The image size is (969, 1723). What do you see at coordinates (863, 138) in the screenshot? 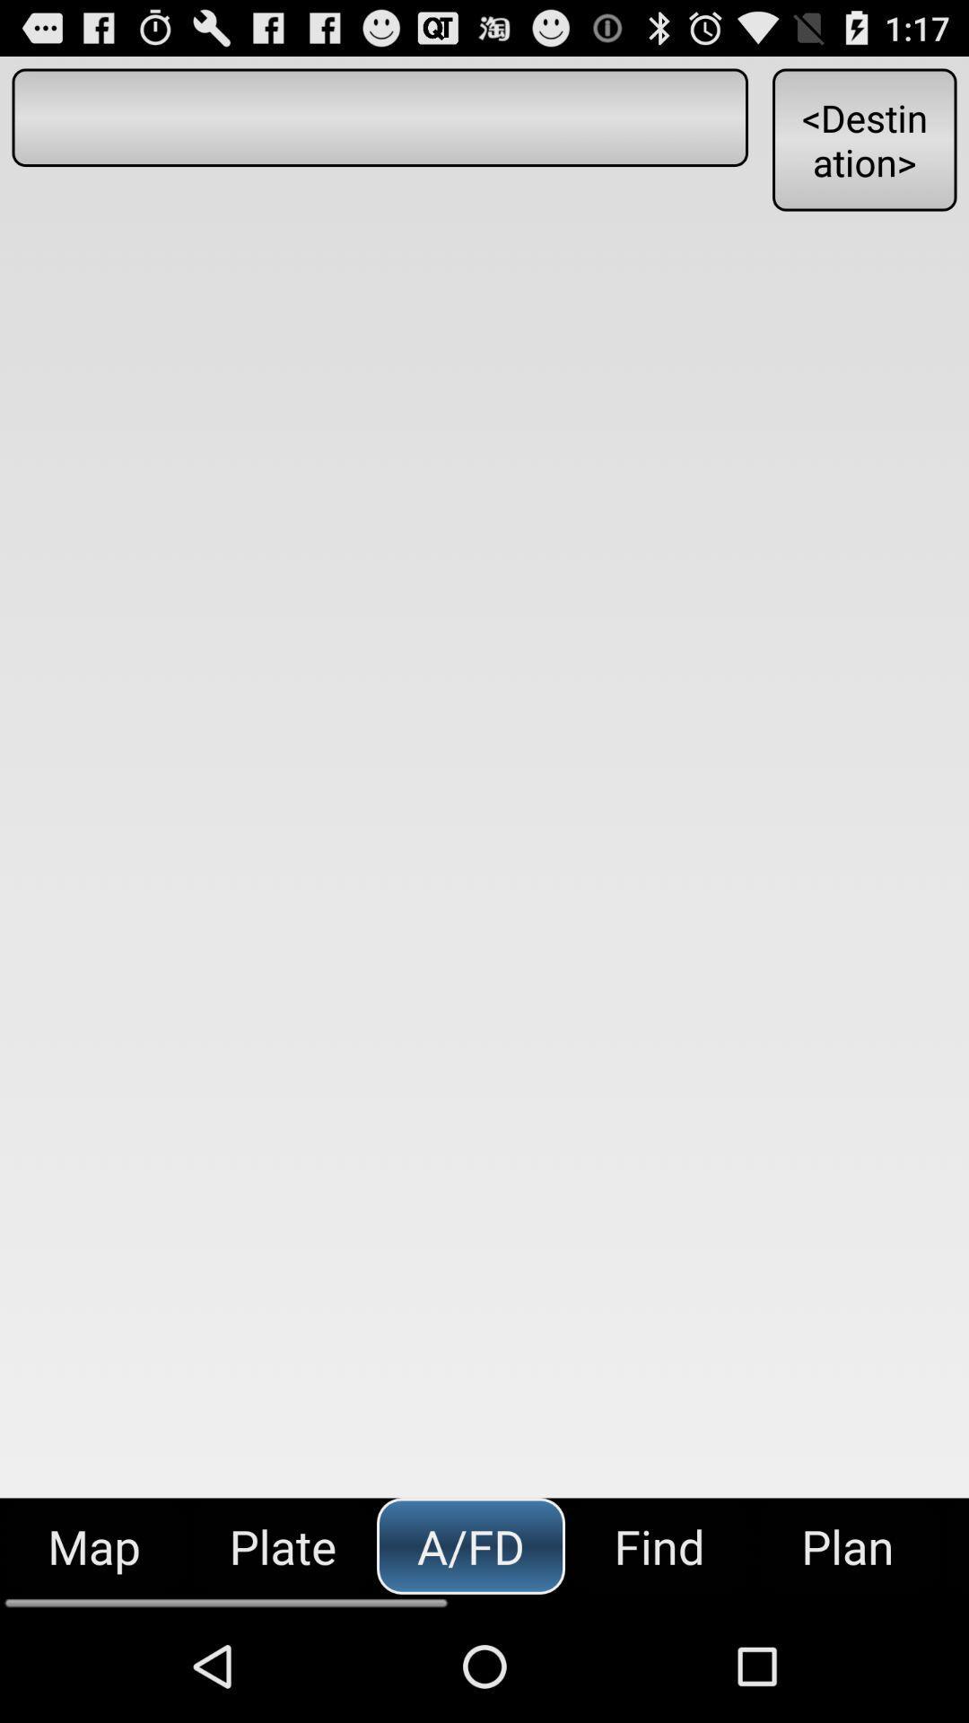
I see `<destination> button` at bounding box center [863, 138].